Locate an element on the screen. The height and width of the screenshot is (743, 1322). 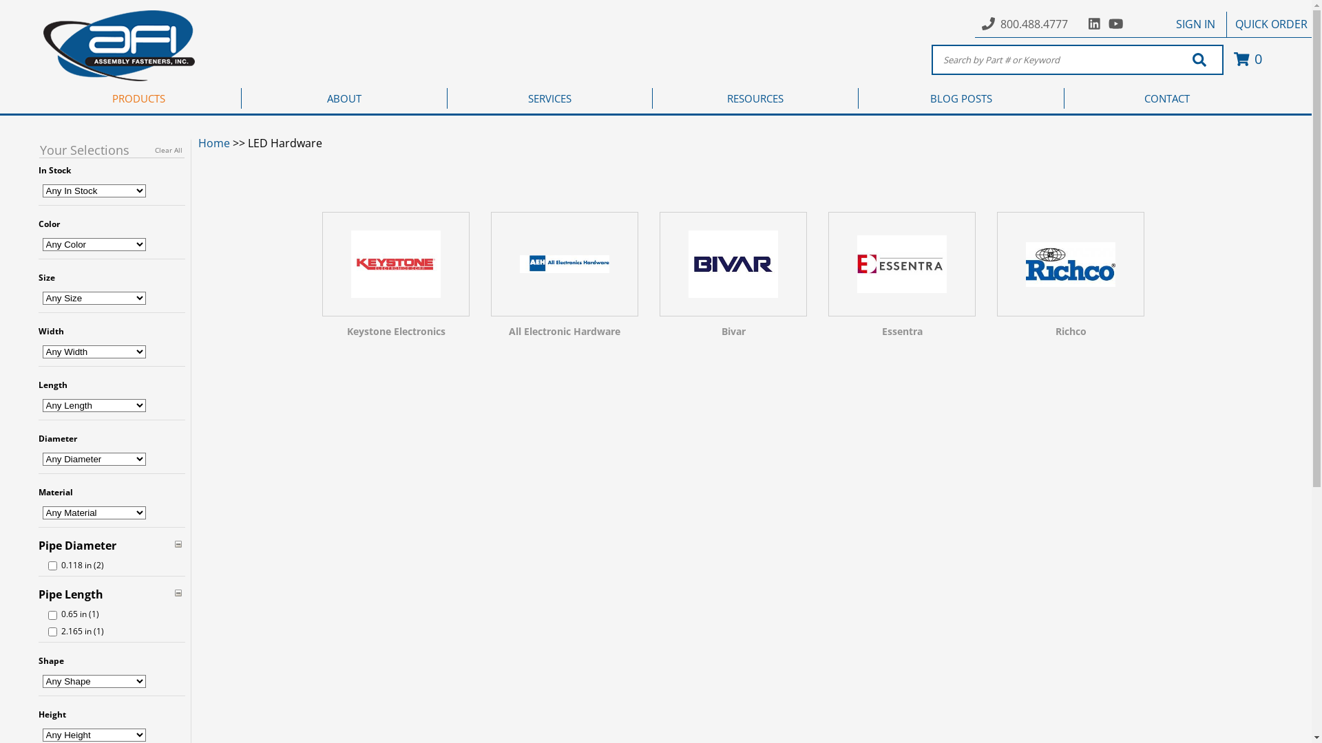
'SIGN IN' is located at coordinates (1195, 23).